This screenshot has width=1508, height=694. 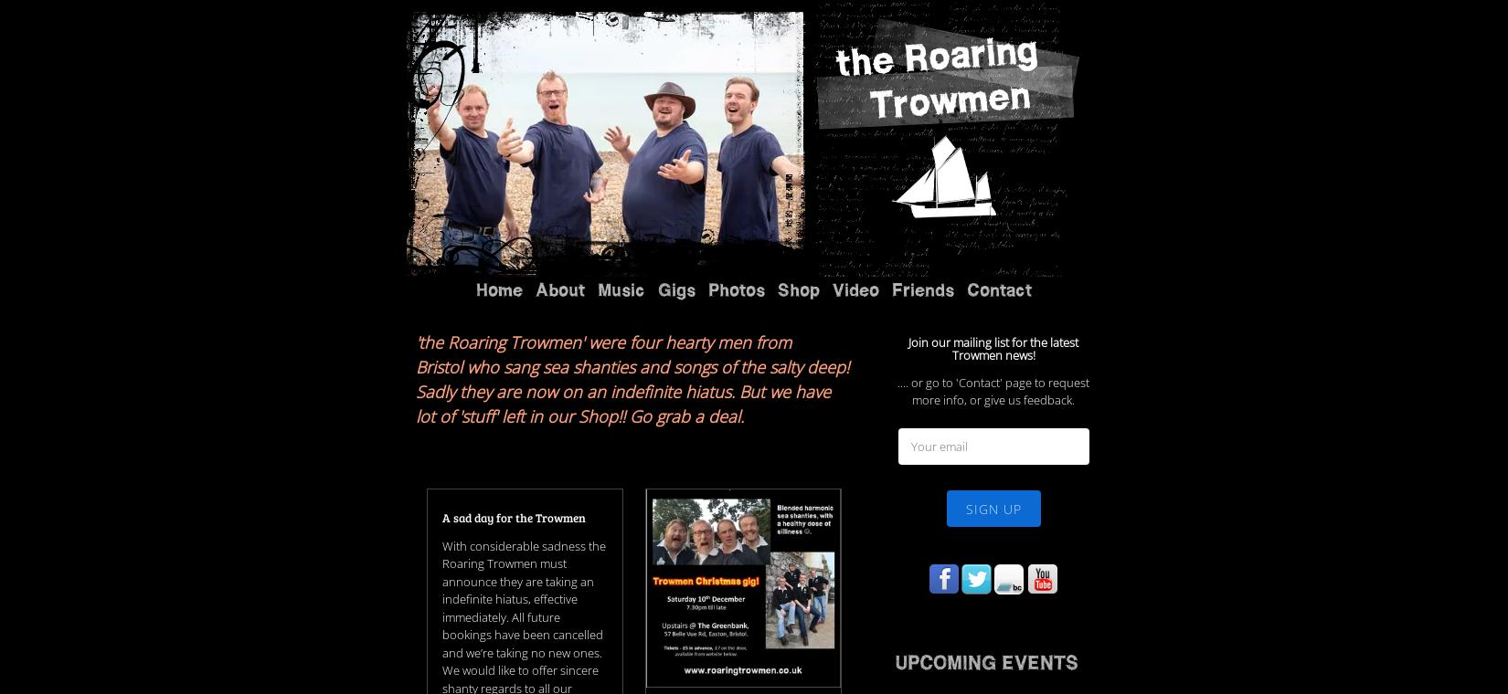 What do you see at coordinates (512, 290) in the screenshot?
I see `'A sad day for the Trowmen'` at bounding box center [512, 290].